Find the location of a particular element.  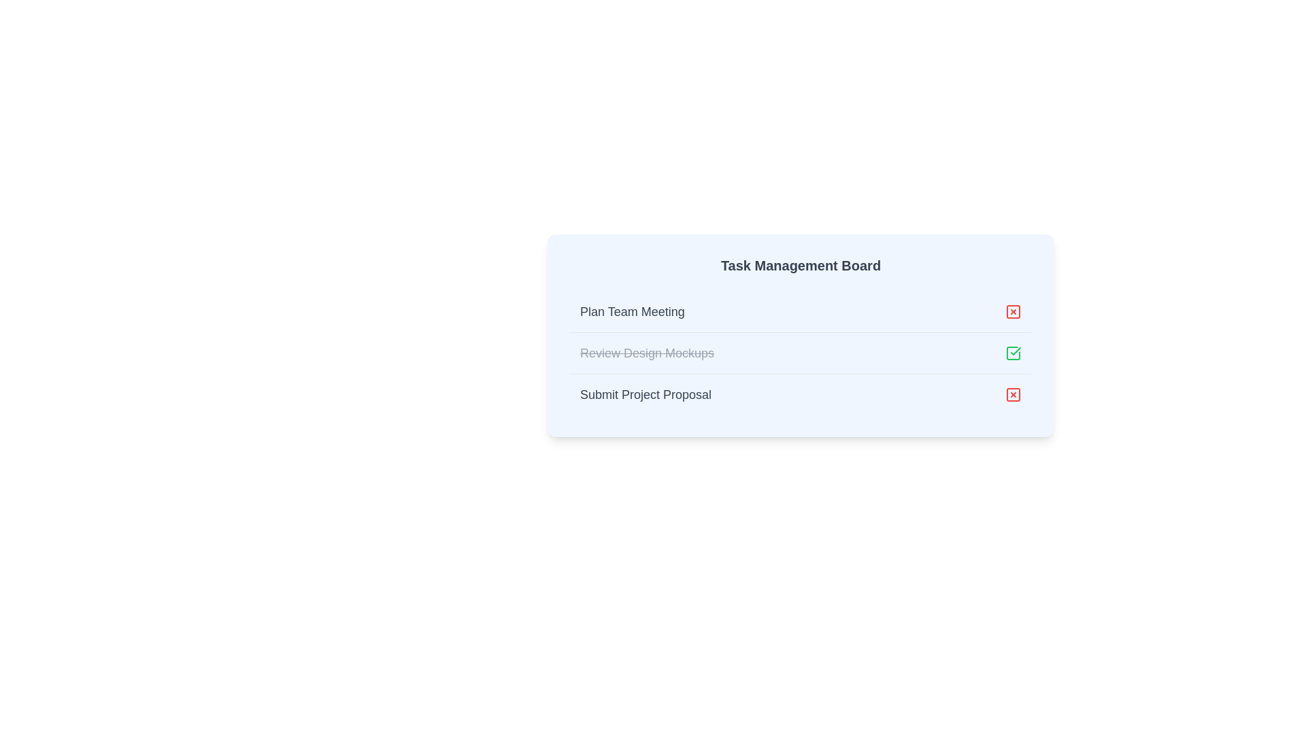

the delete button associated with the 'Plan Team Meeting' task is located at coordinates (1013, 312).